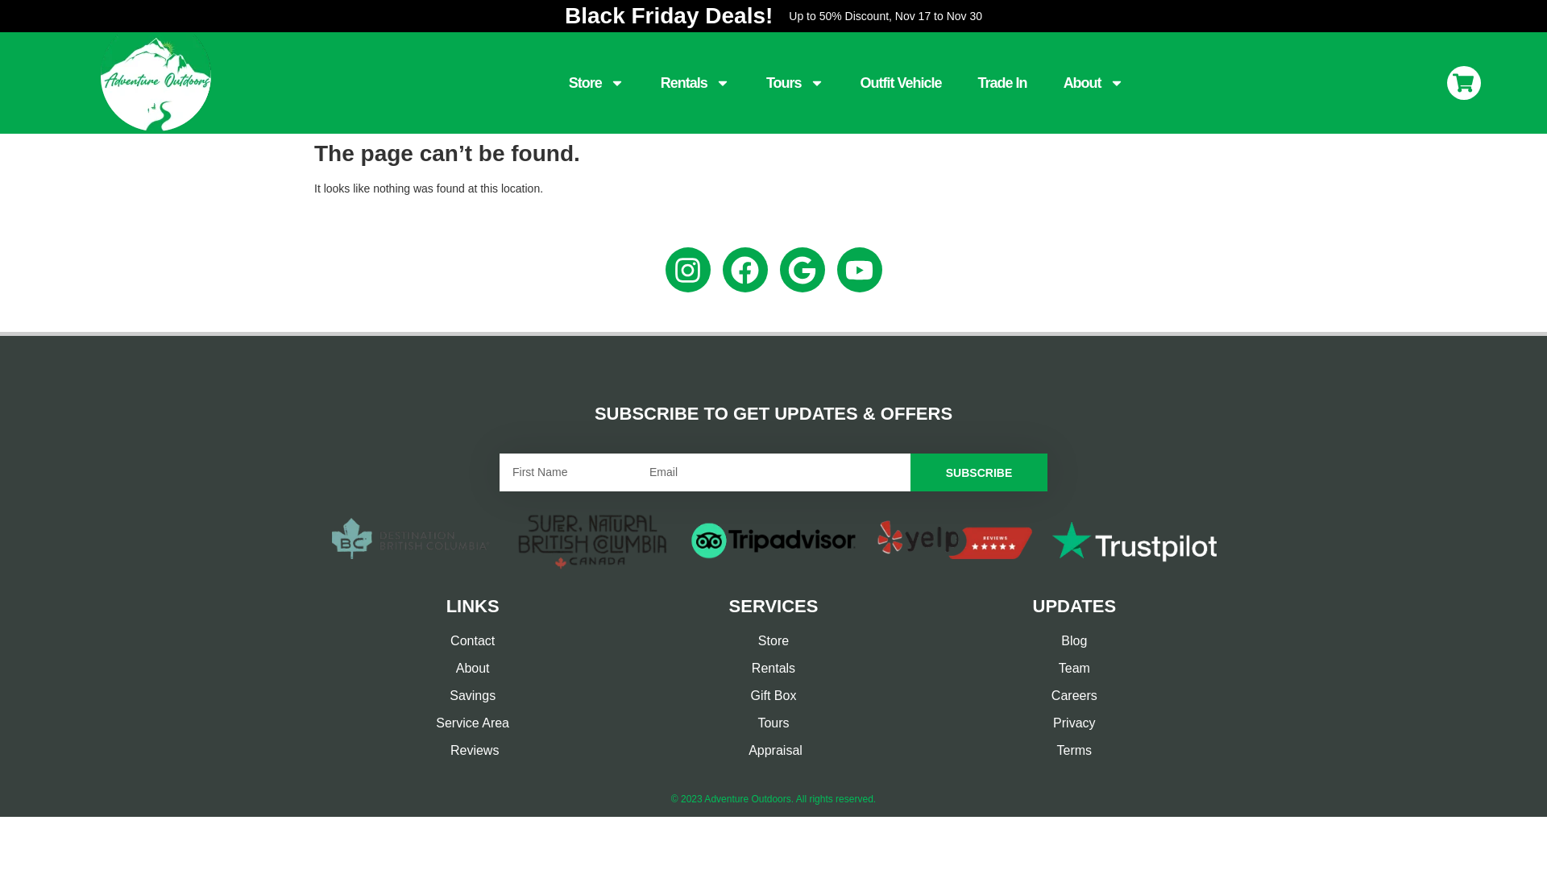 This screenshot has width=1547, height=870. Describe the element at coordinates (772, 668) in the screenshot. I see `'Rentals'` at that location.